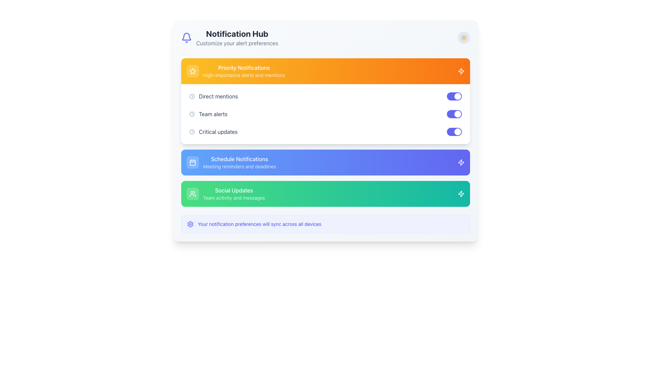 Image resolution: width=654 pixels, height=368 pixels. I want to click on the list item labeled 'Schedule Notifications' which features a calendar icon and white text for selecting or expanding its details, so click(231, 163).